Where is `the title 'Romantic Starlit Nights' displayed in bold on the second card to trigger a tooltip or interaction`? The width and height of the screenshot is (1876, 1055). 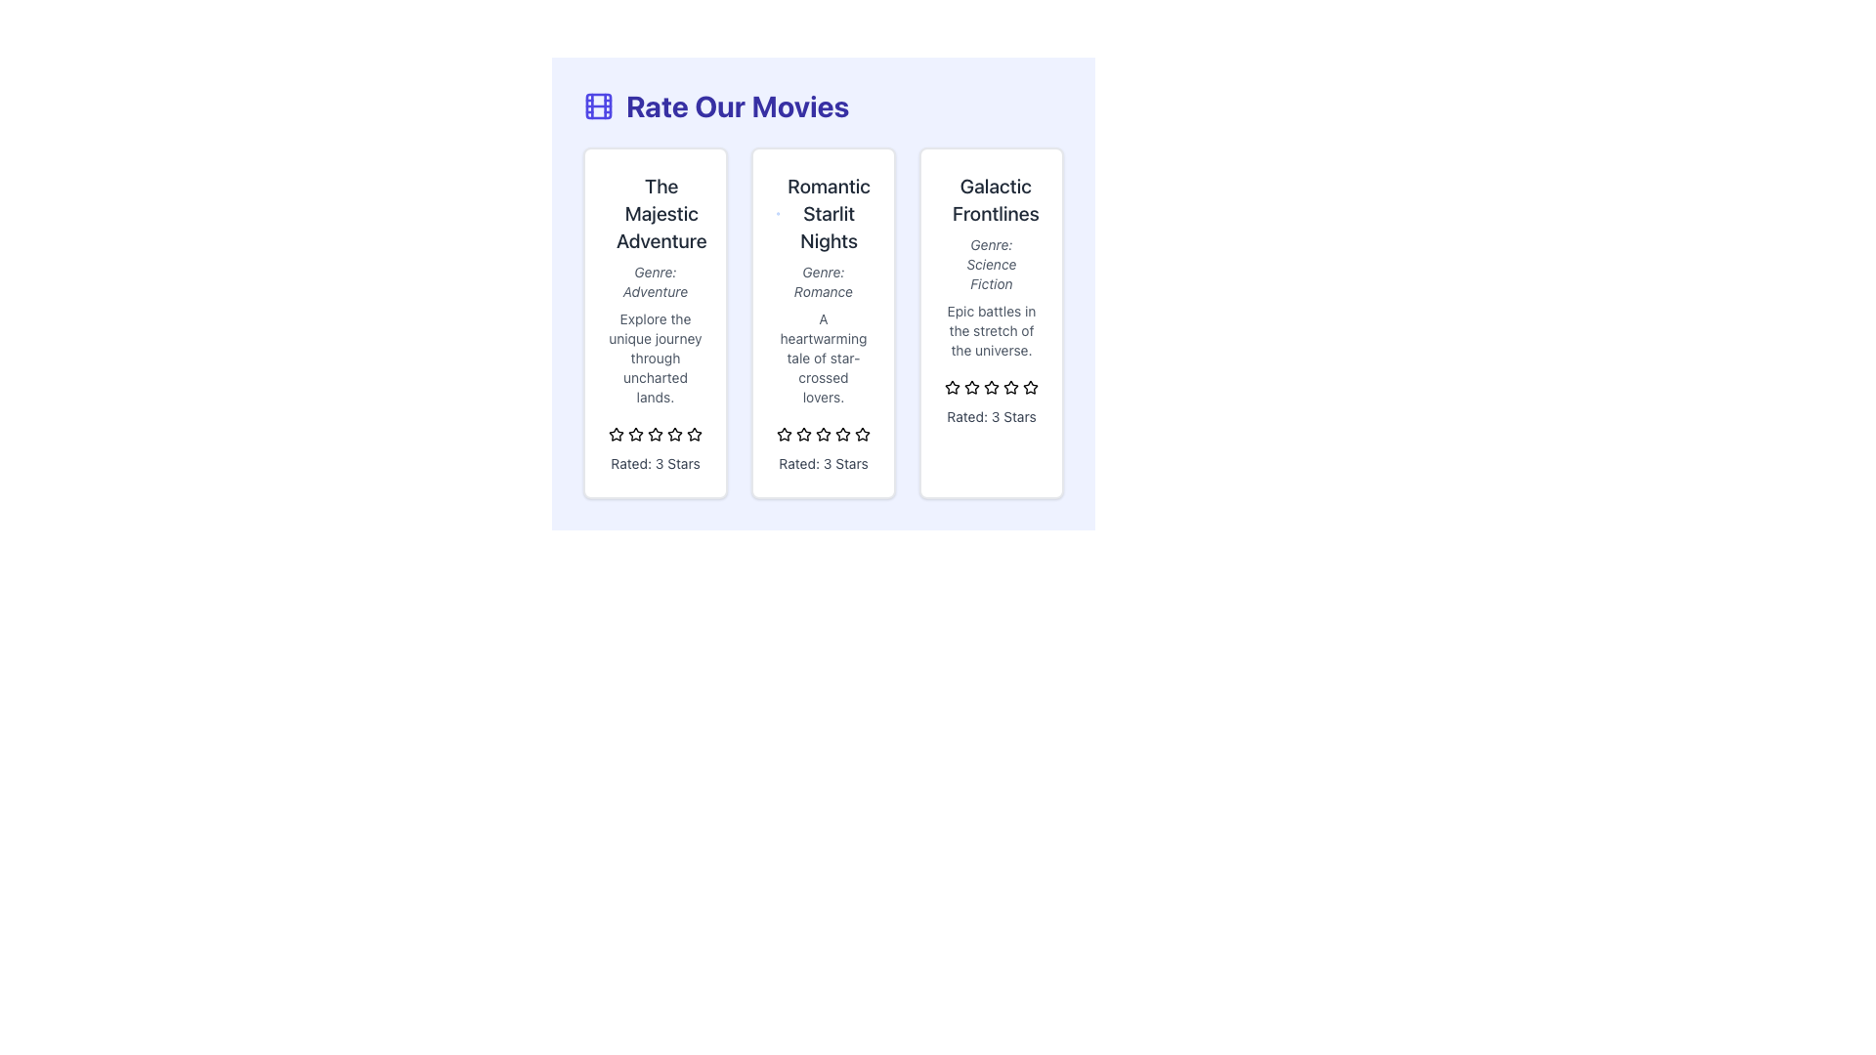
the title 'Romantic Starlit Nights' displayed in bold on the second card to trigger a tooltip or interaction is located at coordinates (824, 214).